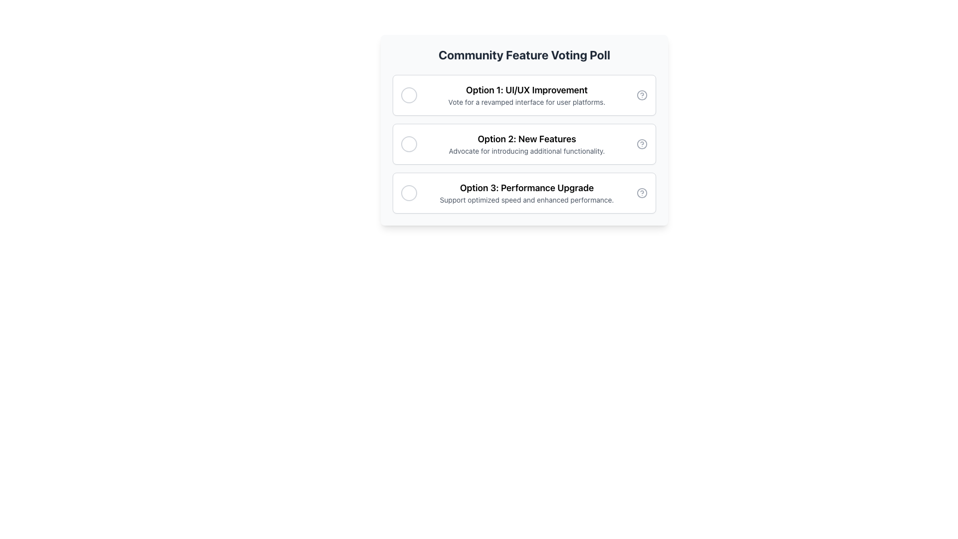  I want to click on the SVG Circle Shape located in the bottom-right corner of the third voting option 'Option 3: Performance Upgrade', so click(642, 193).